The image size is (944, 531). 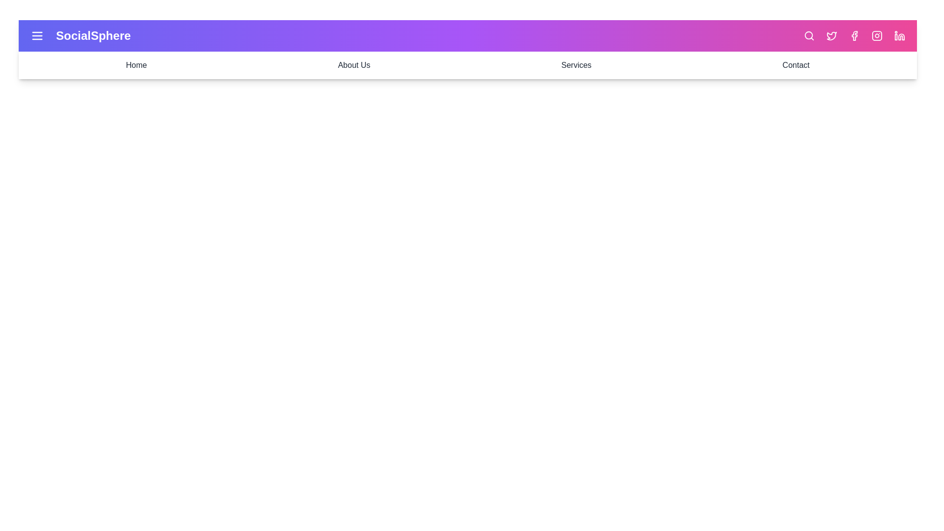 What do you see at coordinates (37, 35) in the screenshot?
I see `the menu icon to toggle the menu visibility` at bounding box center [37, 35].